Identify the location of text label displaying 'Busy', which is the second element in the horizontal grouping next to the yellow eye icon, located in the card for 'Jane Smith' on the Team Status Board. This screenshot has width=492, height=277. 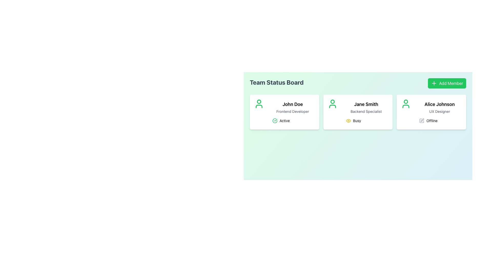
(357, 121).